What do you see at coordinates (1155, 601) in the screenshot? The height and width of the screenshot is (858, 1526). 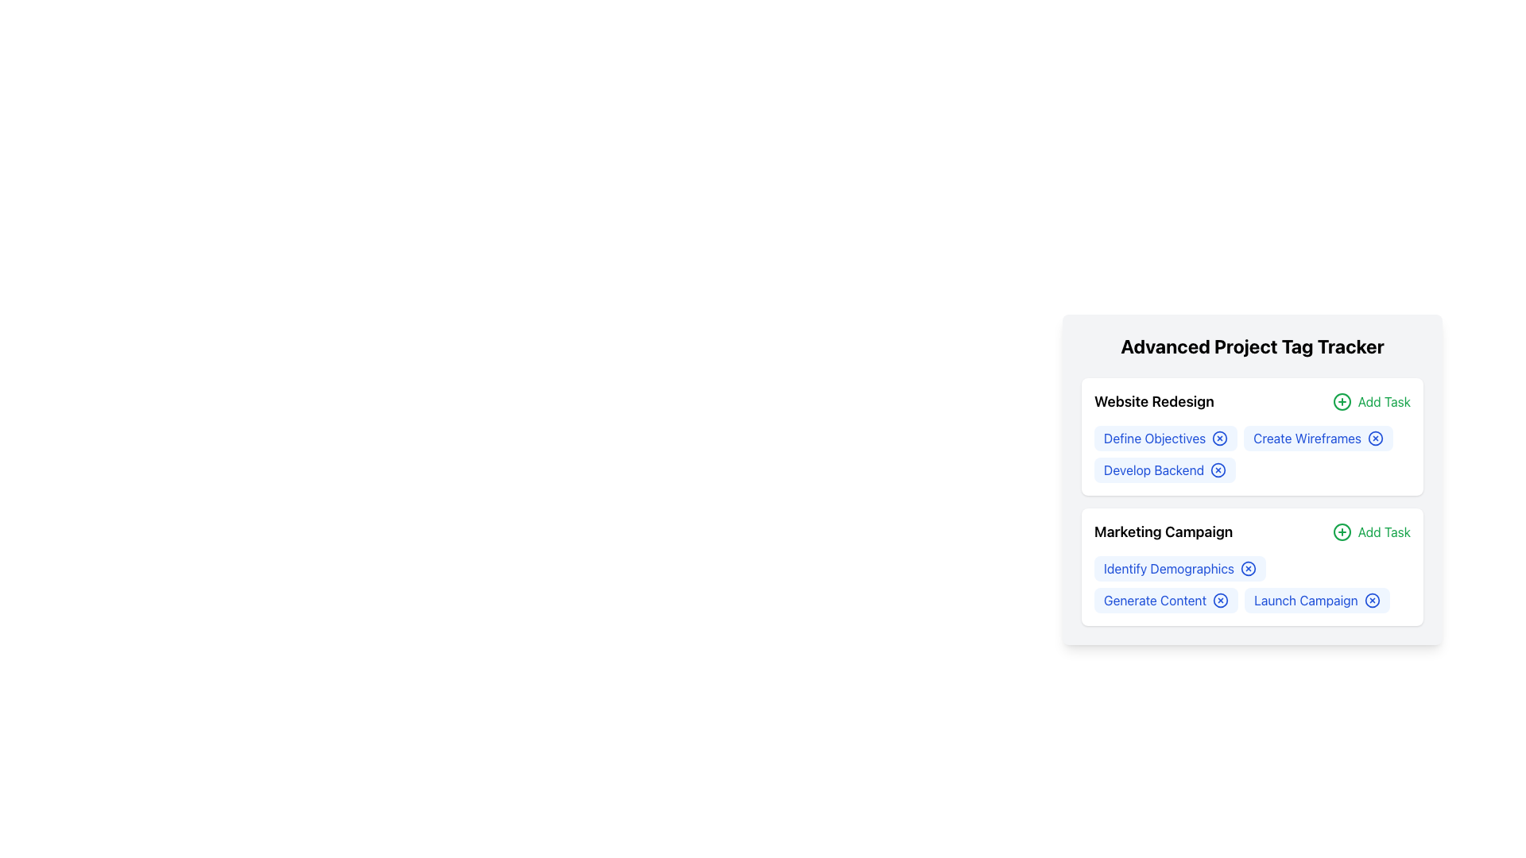 I see `the text label displaying 'Generate Content' in blue color with a rounded background, located within the 'Marketing Campaign' section of the 'Advanced Project Tag Tracker' widget` at bounding box center [1155, 601].